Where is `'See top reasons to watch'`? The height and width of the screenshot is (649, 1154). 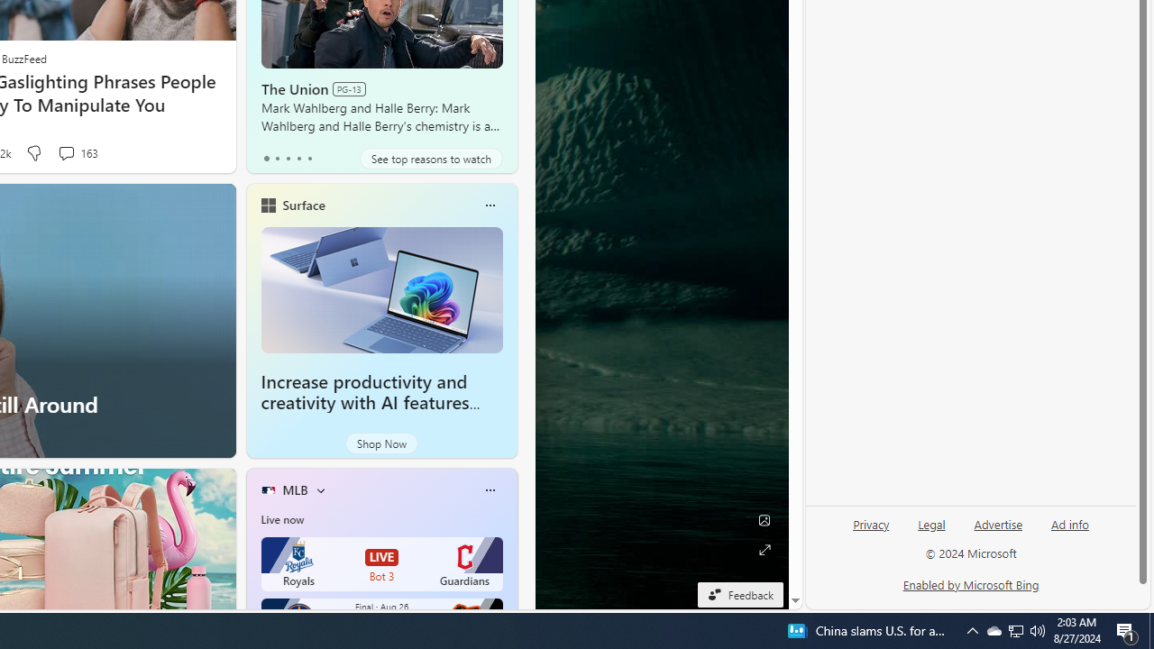
'See top reasons to watch' is located at coordinates (430, 158).